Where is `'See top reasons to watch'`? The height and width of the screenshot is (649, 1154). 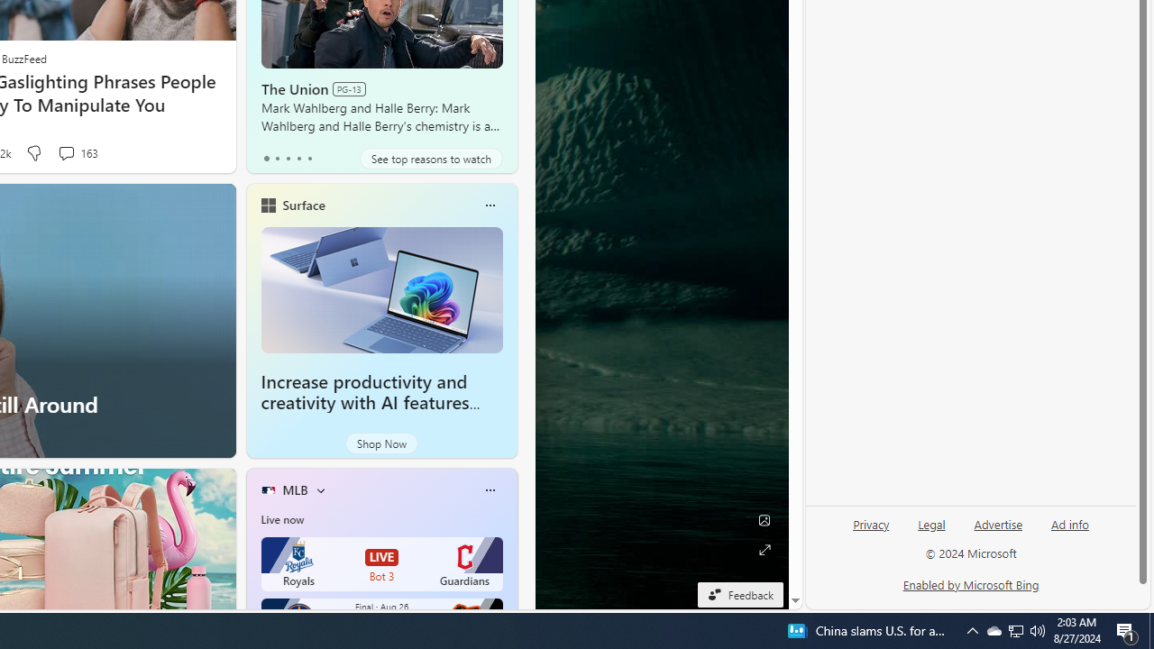
'See top reasons to watch' is located at coordinates (430, 158).